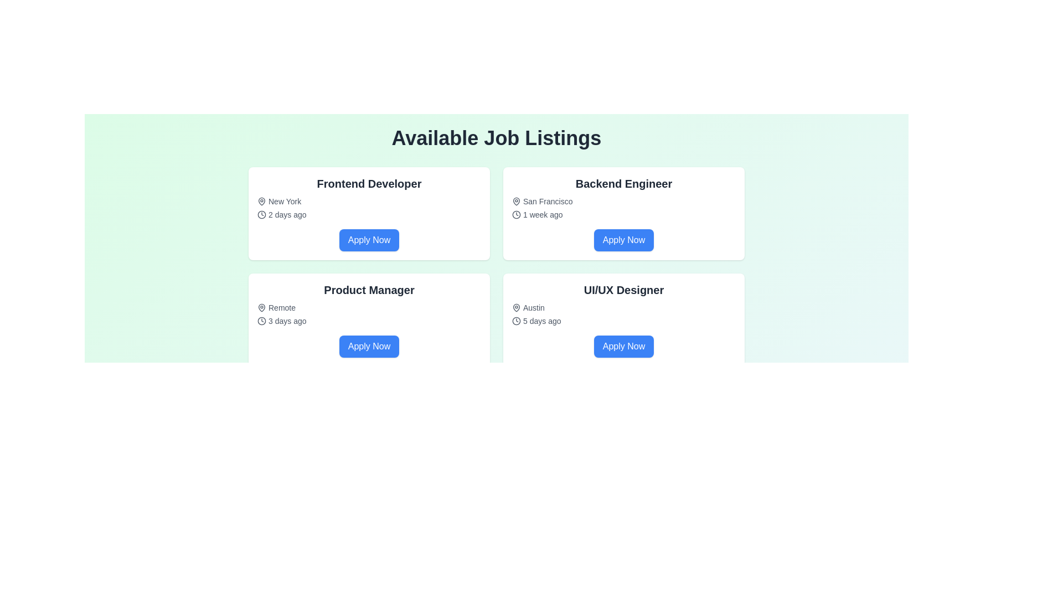 The image size is (1063, 598). What do you see at coordinates (369, 346) in the screenshot?
I see `the button to initiate the application process for the 'Product Manager' position, located at the bottom center of the job listing card` at bounding box center [369, 346].